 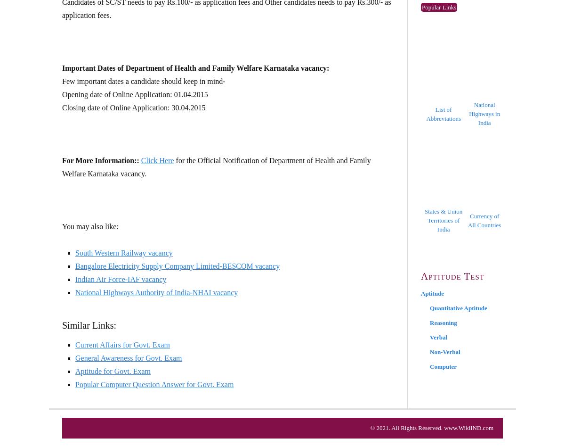 I want to click on 'General Awareness for Govt. Exam', so click(x=74, y=358).